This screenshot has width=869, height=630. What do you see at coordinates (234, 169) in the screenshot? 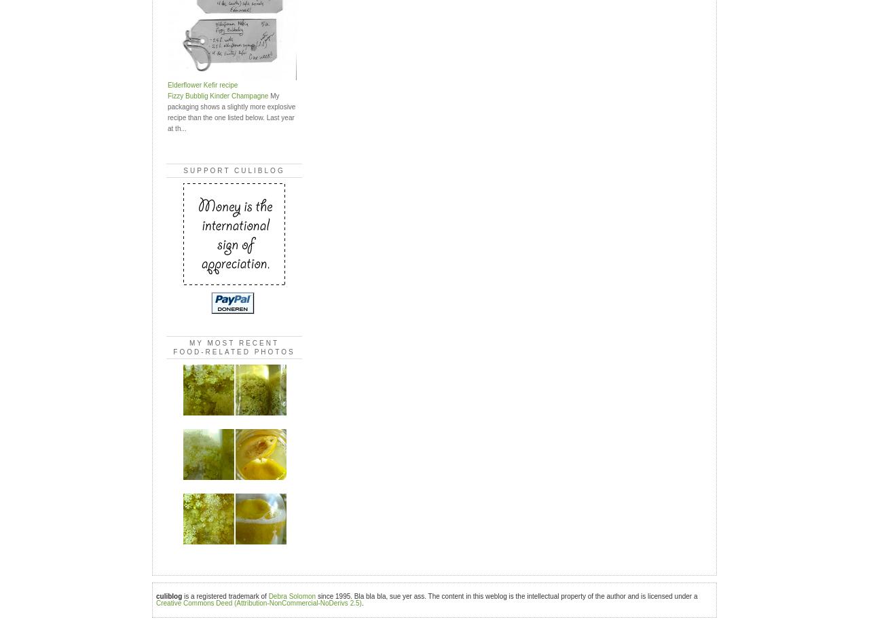
I see `'Support culiblog'` at bounding box center [234, 169].